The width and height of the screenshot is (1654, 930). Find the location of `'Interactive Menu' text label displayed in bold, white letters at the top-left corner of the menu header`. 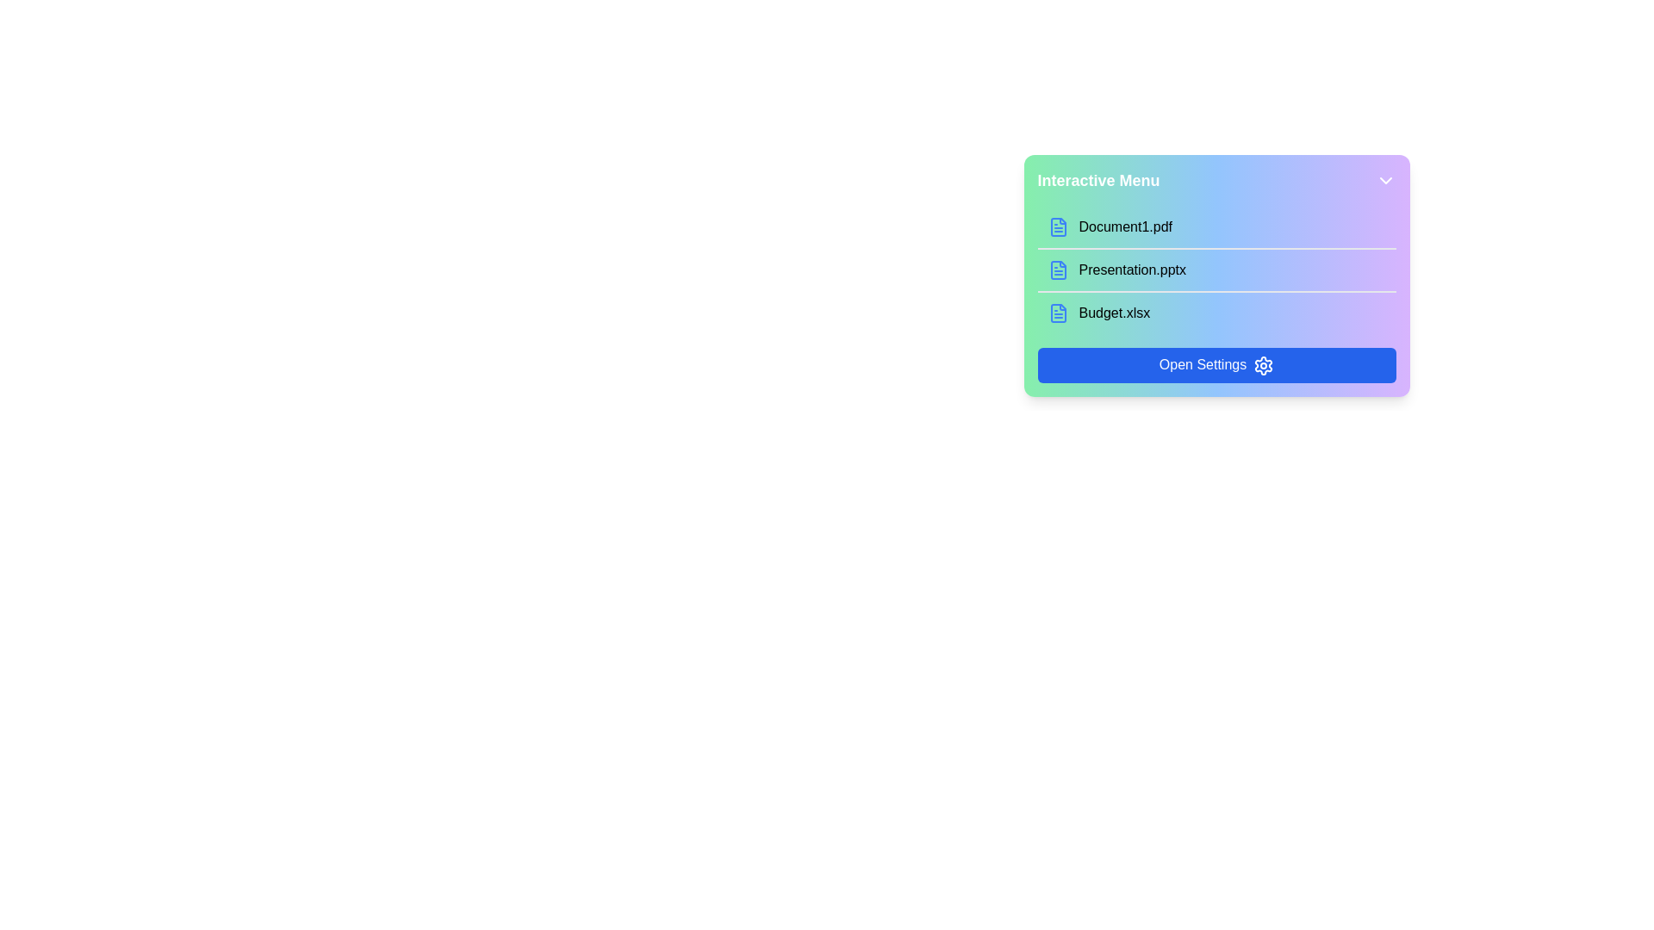

'Interactive Menu' text label displayed in bold, white letters at the top-left corner of the menu header is located at coordinates (1097, 180).